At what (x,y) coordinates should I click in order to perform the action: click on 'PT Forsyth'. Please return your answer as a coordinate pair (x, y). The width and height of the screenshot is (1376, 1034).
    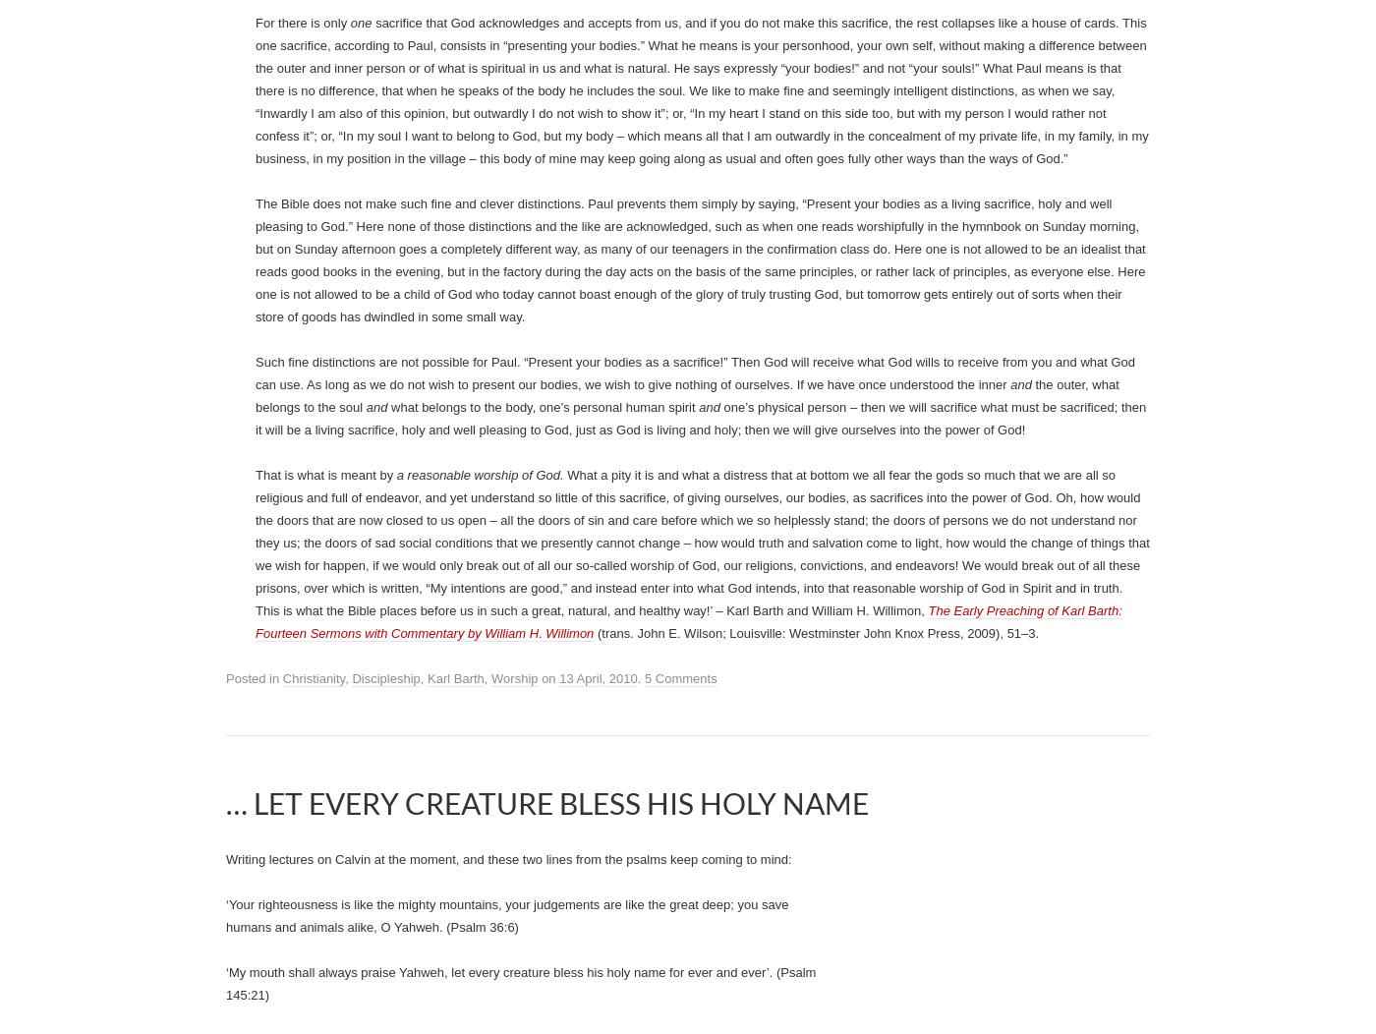
    Looking at the image, I should click on (362, 53).